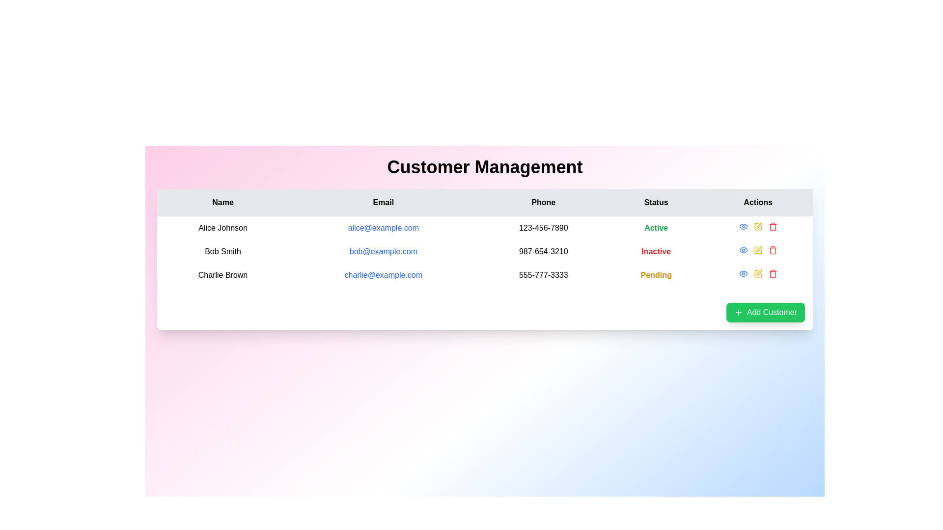 This screenshot has width=943, height=530. Describe the element at coordinates (758, 225) in the screenshot. I see `the 'edit' icon button in the 'Actions' column for 'Bob Smith'` at that location.